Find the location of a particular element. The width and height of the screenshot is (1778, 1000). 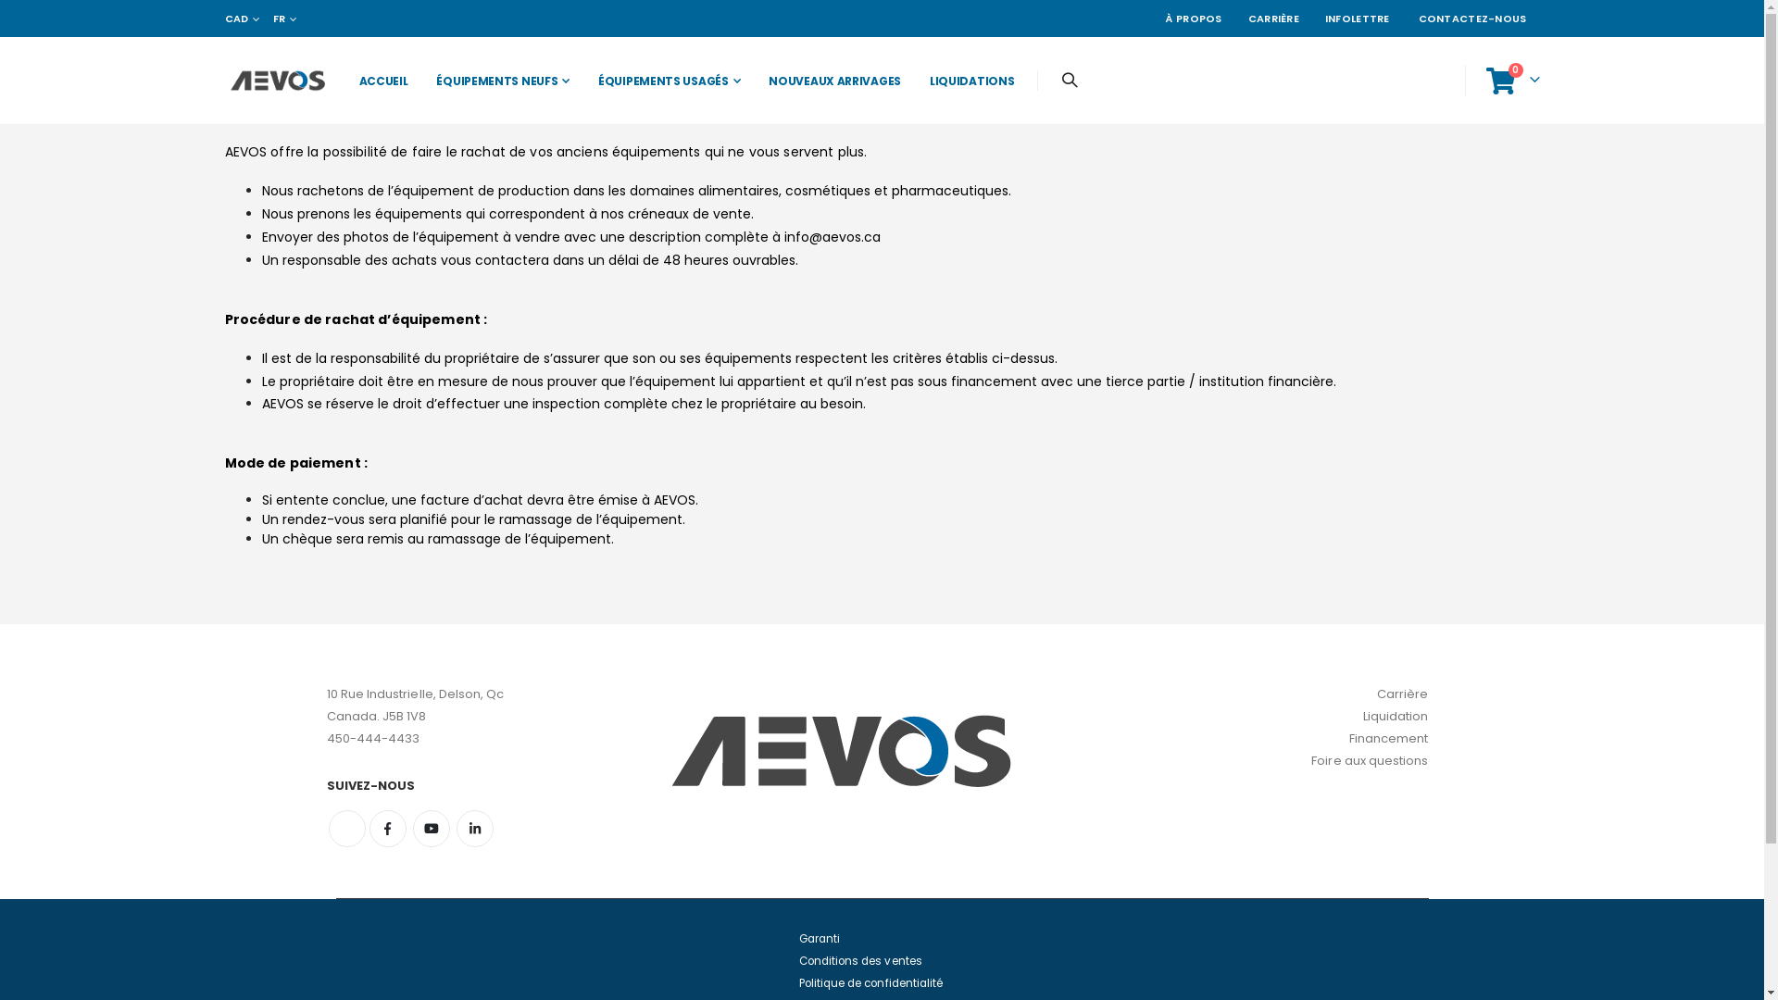

'Youtube' is located at coordinates (412, 827).